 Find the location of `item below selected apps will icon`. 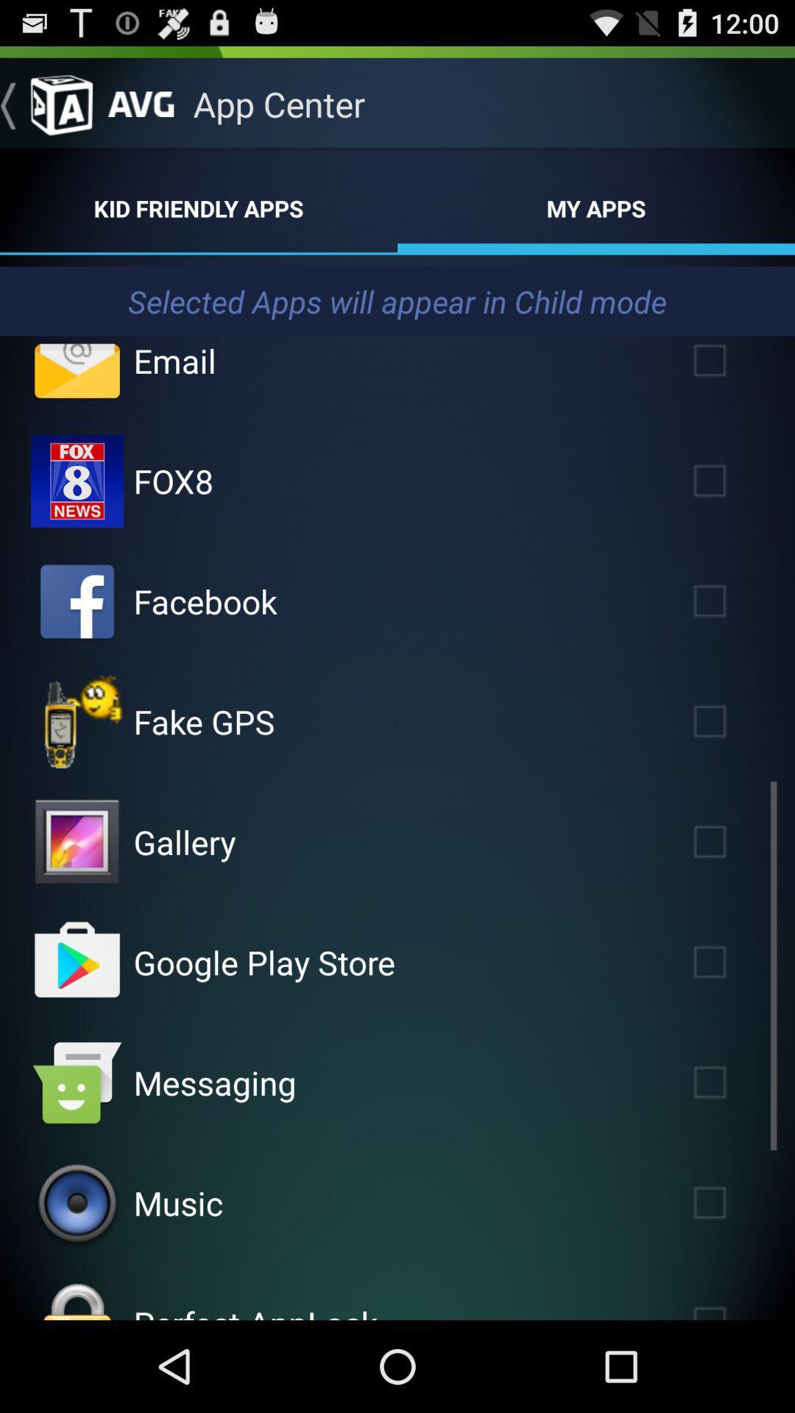

item below selected apps will icon is located at coordinates (174, 361).